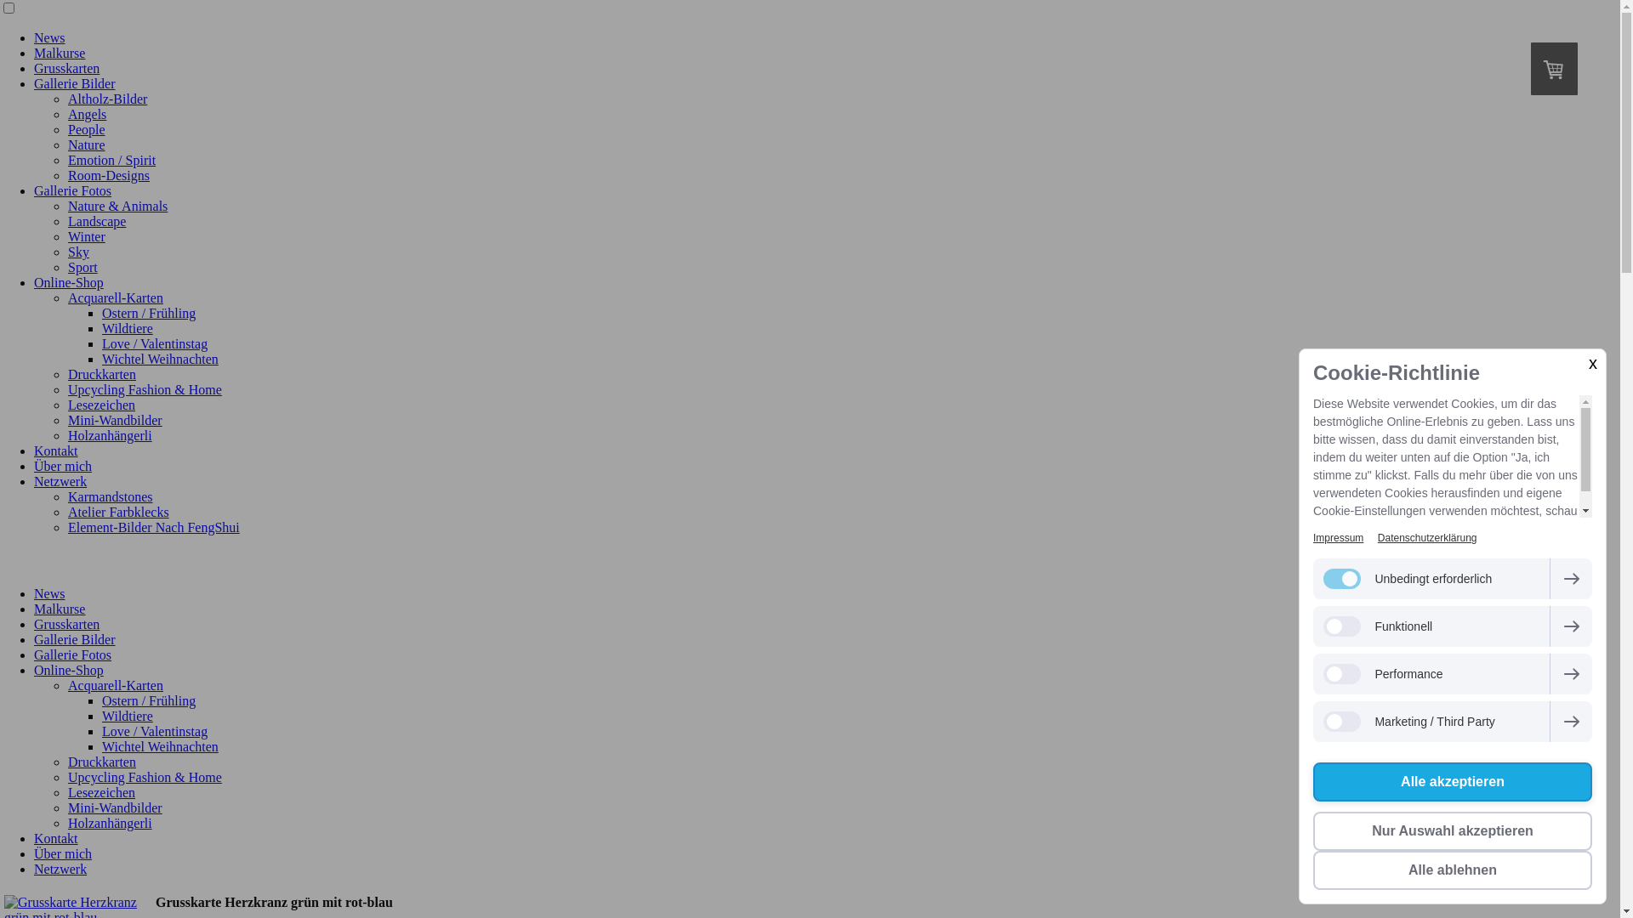 The image size is (1633, 918). Describe the element at coordinates (77, 252) in the screenshot. I see `'Sky'` at that location.